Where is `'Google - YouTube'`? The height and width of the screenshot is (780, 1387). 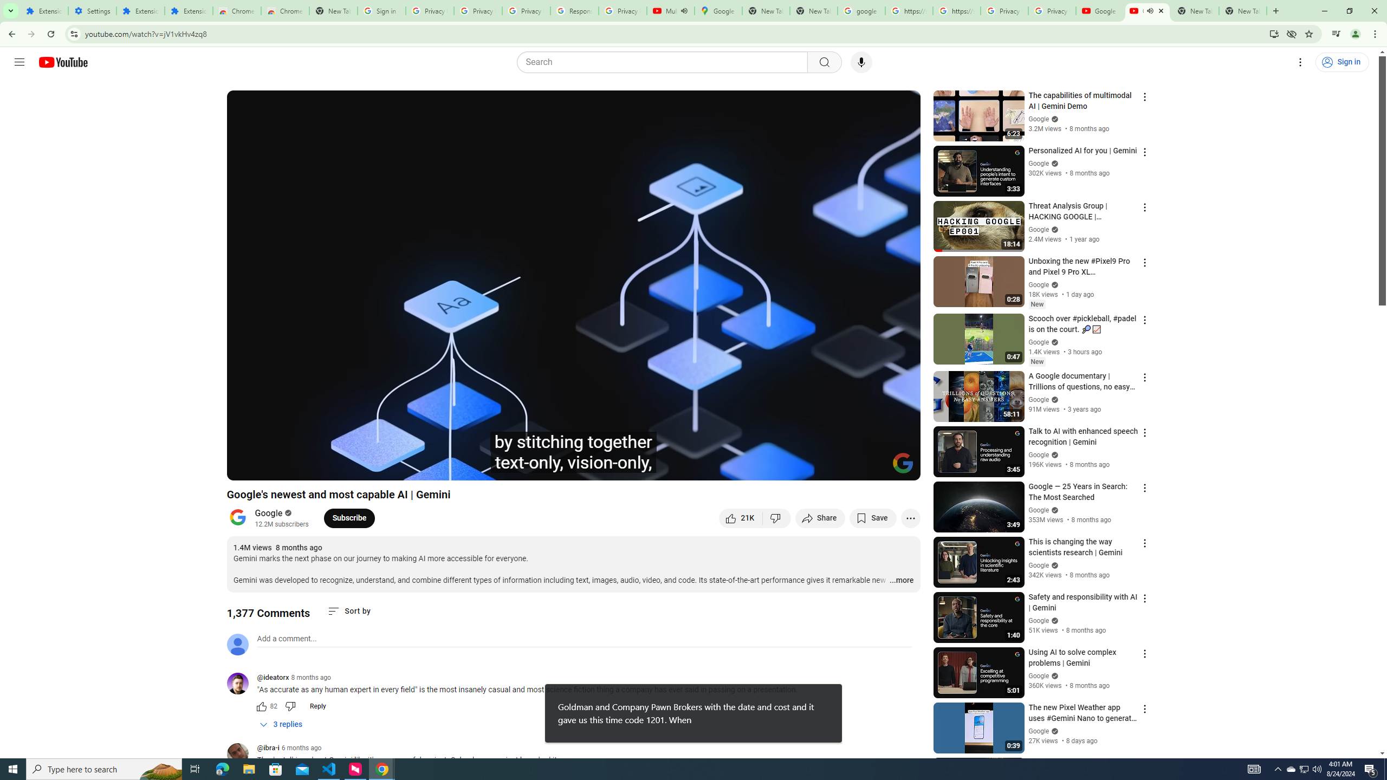 'Google - YouTube' is located at coordinates (1100, 10).